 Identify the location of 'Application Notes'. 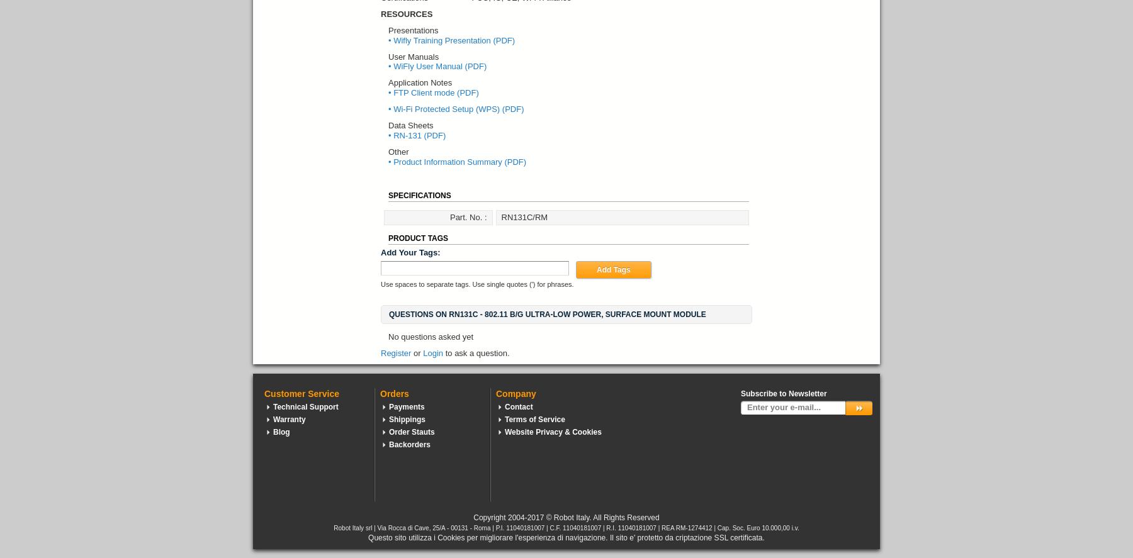
(388, 82).